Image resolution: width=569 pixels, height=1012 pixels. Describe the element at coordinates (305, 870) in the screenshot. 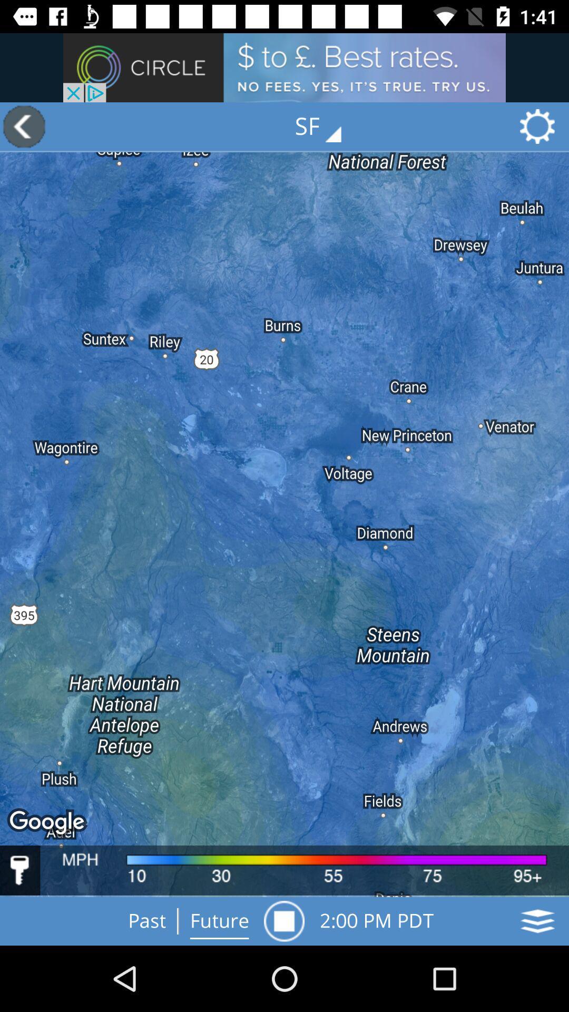

I see `scale bar right to the key icon at the bottom` at that location.